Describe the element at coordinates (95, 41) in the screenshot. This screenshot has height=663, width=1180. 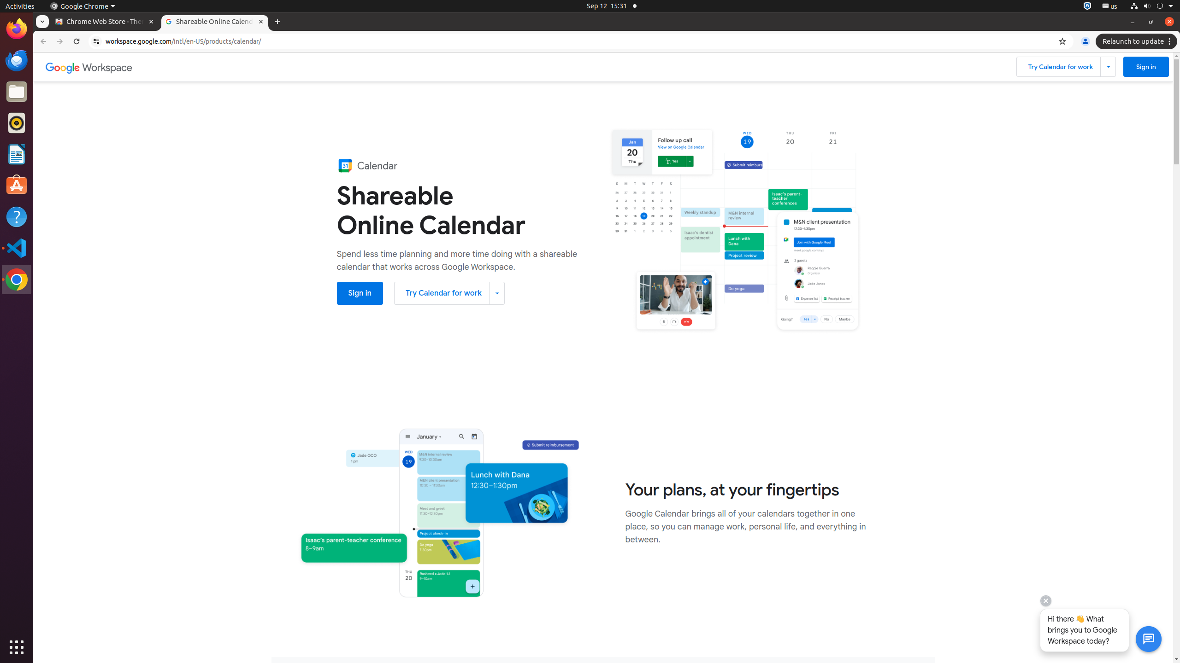
I see `'View site information'` at that location.